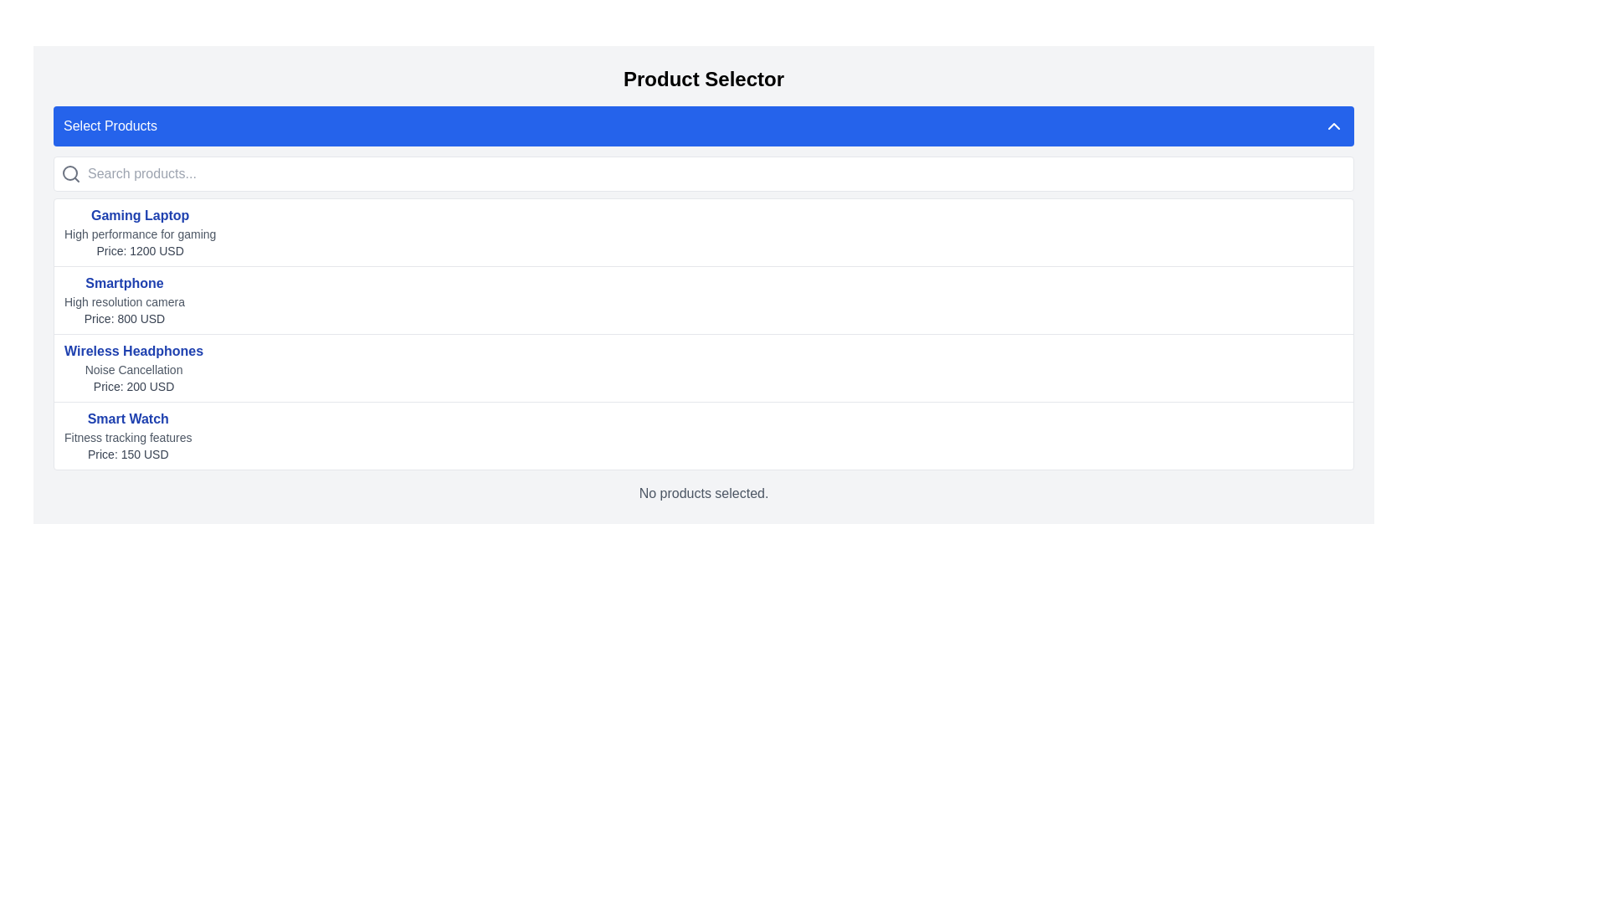  Describe the element at coordinates (140, 232) in the screenshot. I see `the 'Gaming Laptop' product information text block, which is the first entry in the list under the 'Select Products' section, located below the search bar` at that location.